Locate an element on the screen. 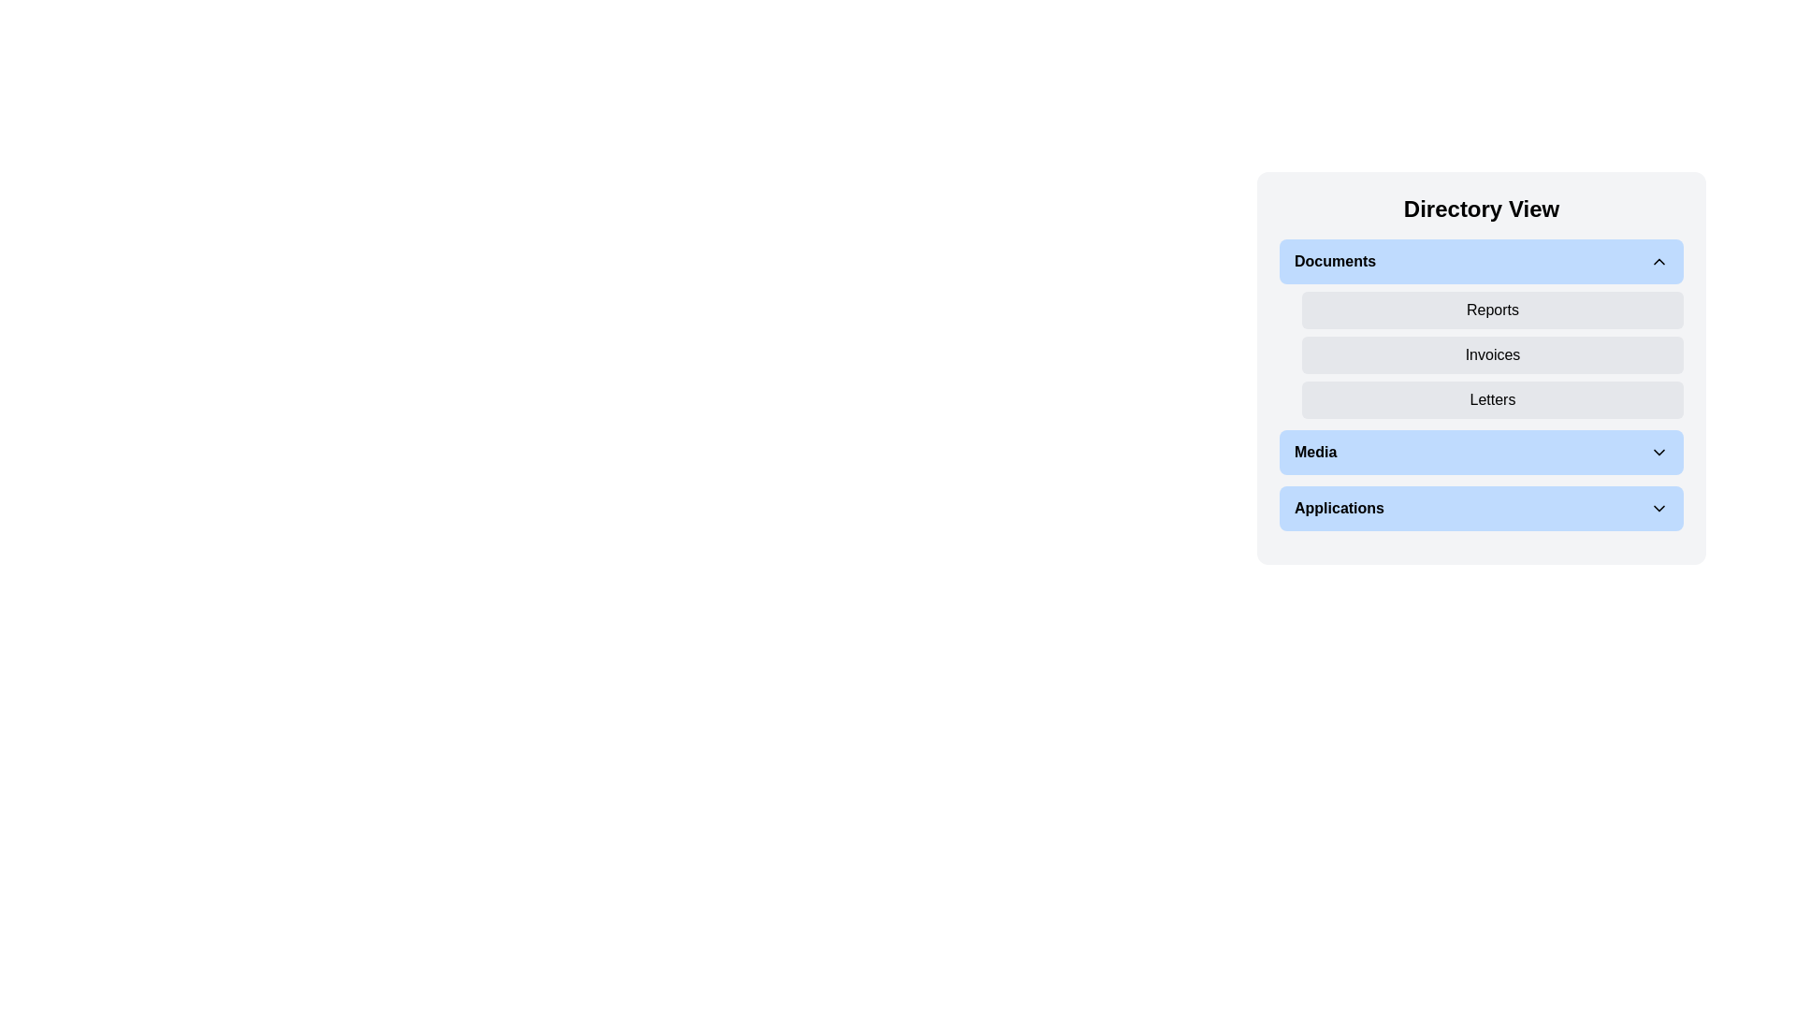  the bold text label 'Documents' within the 'Documents' section header in the 'Directory View' is located at coordinates (1334, 262).